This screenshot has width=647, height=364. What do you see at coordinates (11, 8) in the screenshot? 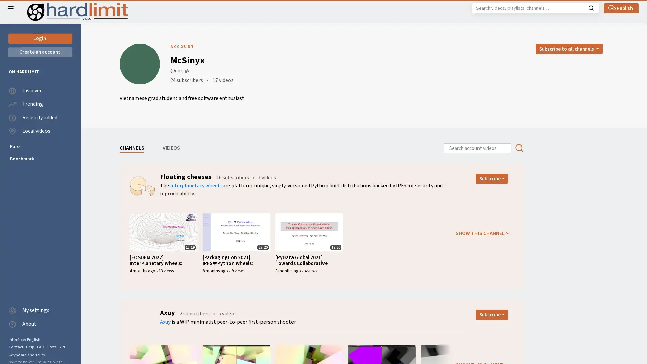
I see `Close the left menu` at bounding box center [11, 8].